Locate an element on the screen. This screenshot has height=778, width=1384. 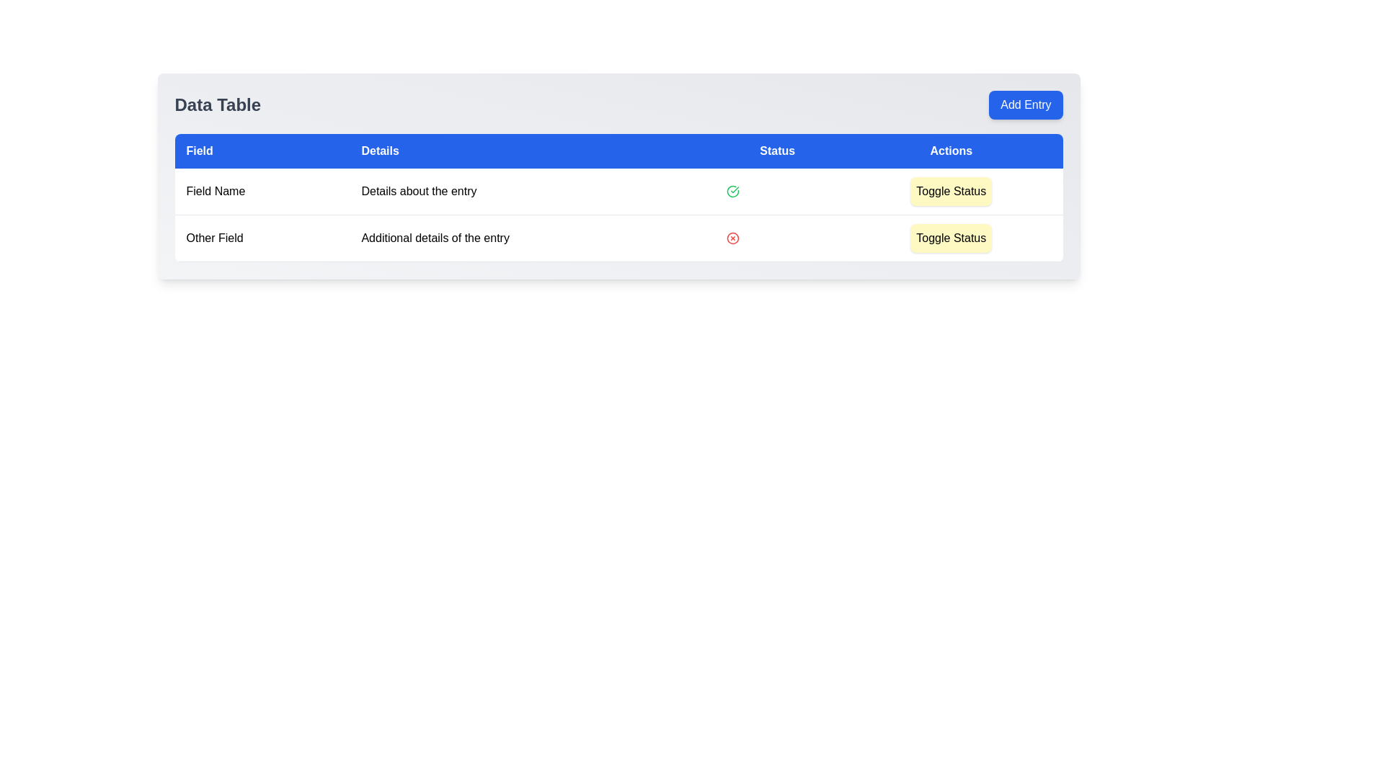
the toggle button in the 'Actions' column of the second row of the data table to change its color is located at coordinates (951, 238).